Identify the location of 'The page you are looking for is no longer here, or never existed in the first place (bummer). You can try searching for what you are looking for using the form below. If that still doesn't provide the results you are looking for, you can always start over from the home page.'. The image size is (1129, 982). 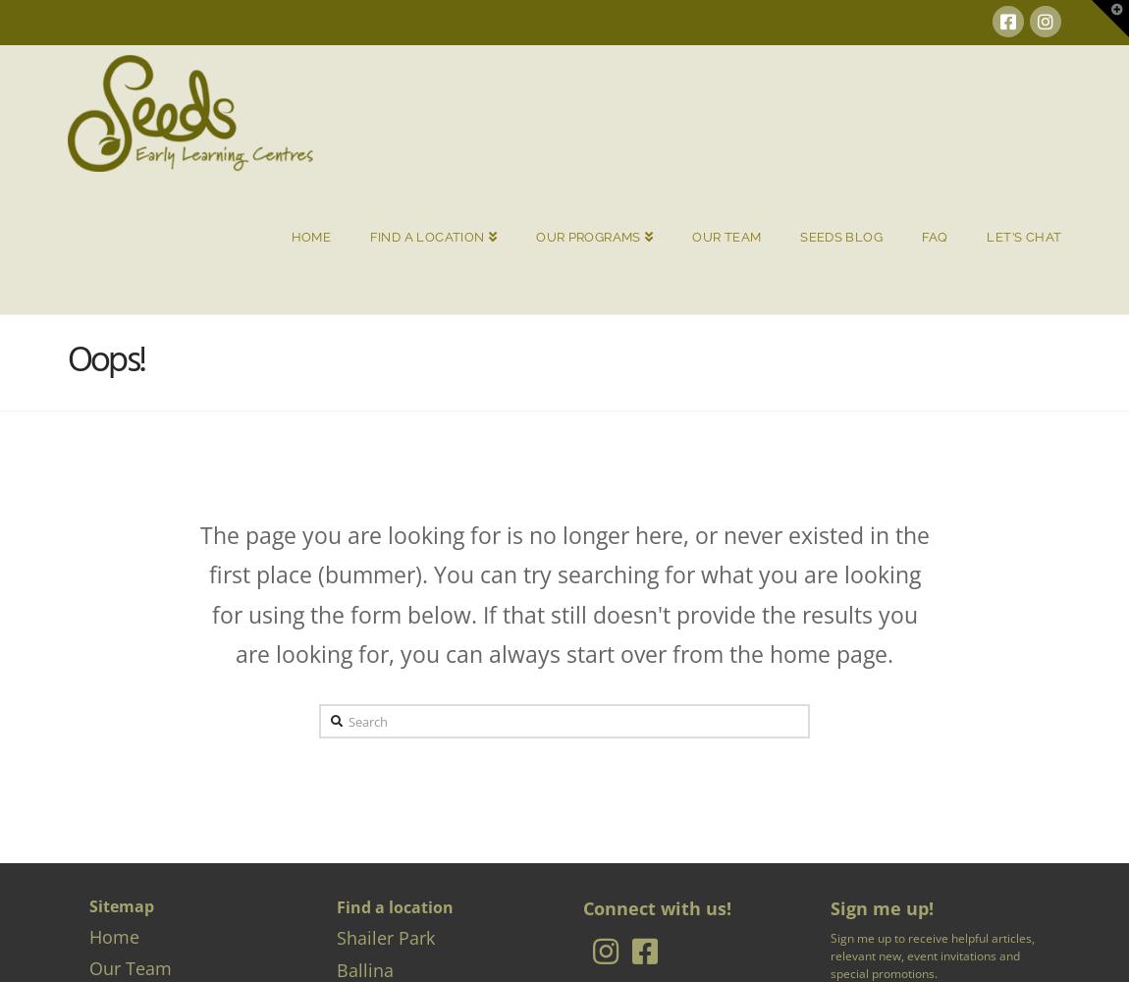
(564, 593).